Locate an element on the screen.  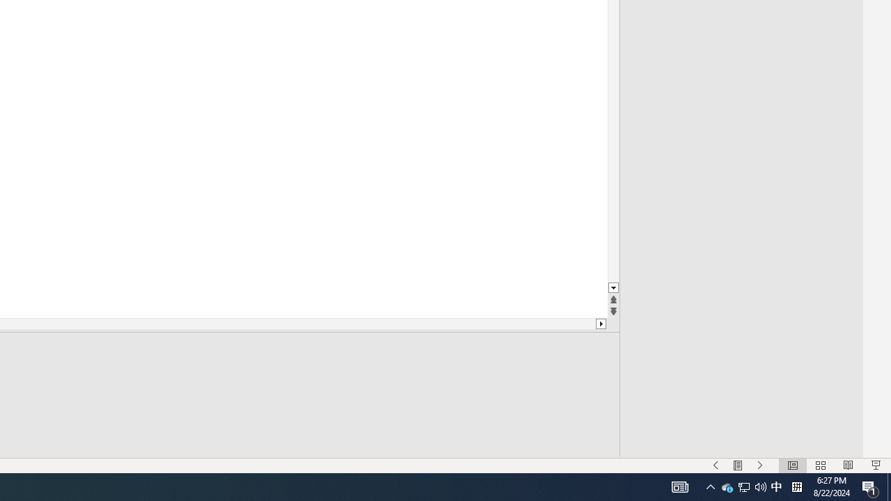
'Slide Show Previous On' is located at coordinates (716, 466).